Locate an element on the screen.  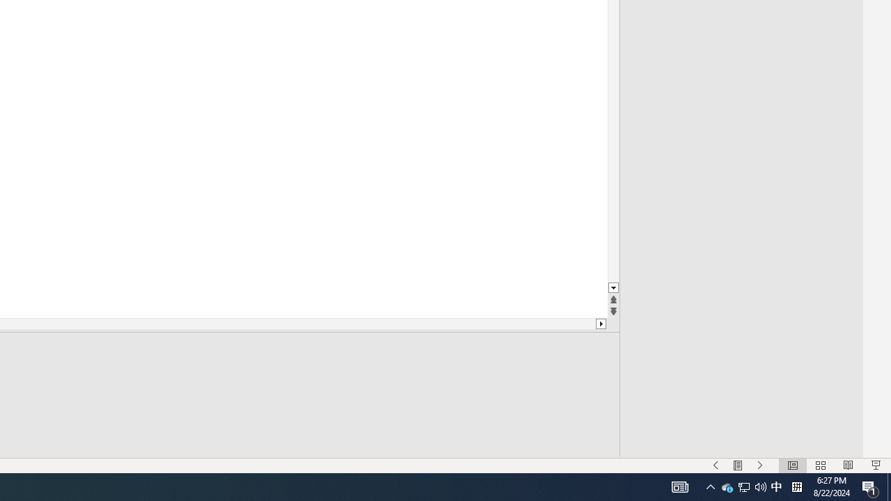
'Slide Show Previous On' is located at coordinates (716, 466).